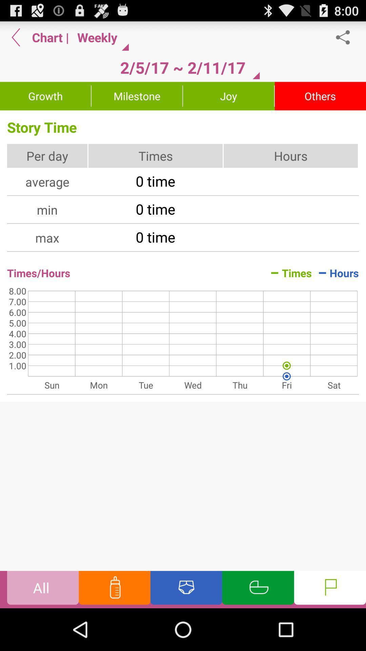 The width and height of the screenshot is (366, 651). What do you see at coordinates (16, 37) in the screenshot?
I see `item to the left of chart app` at bounding box center [16, 37].